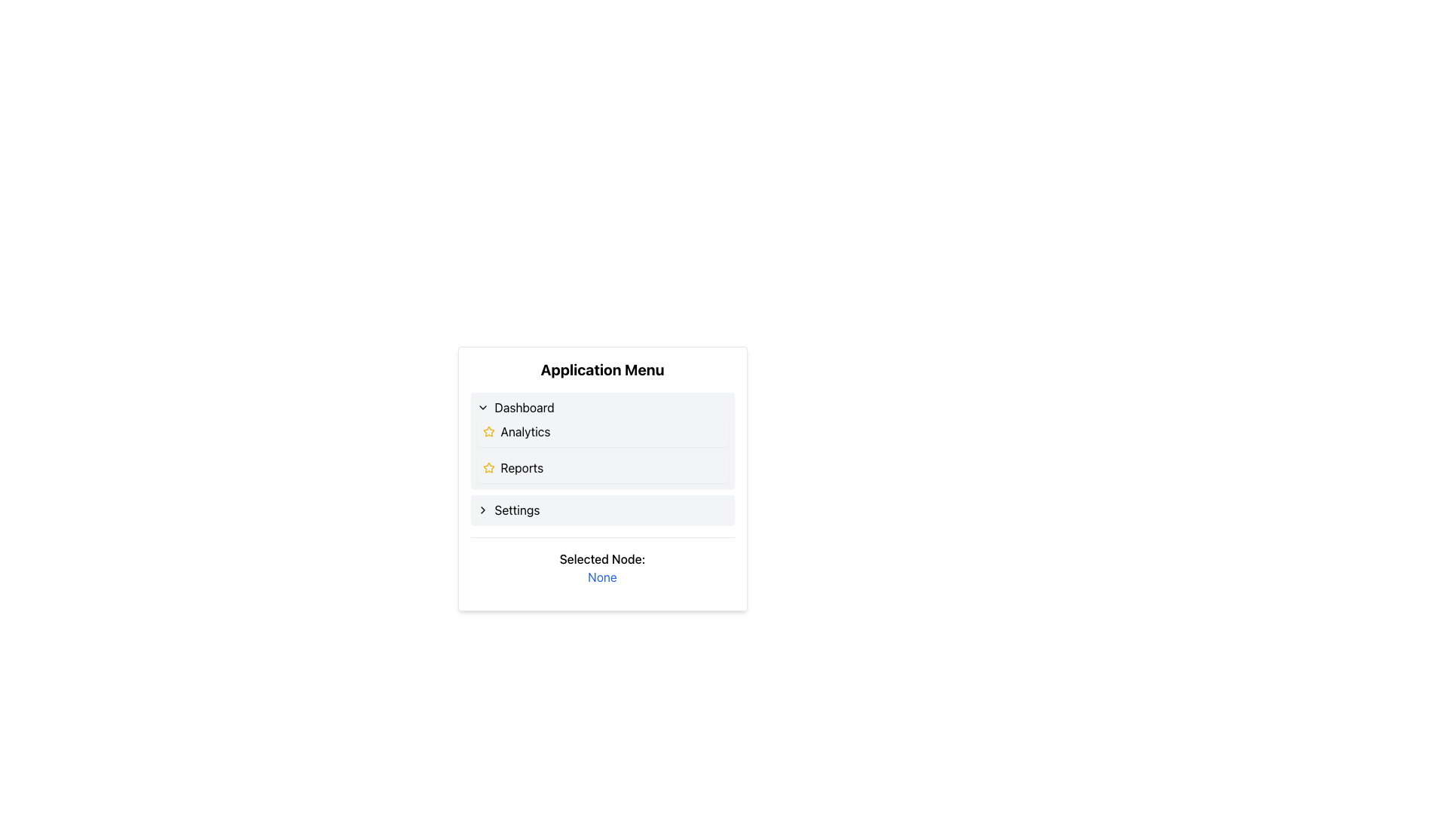  What do you see at coordinates (488, 467) in the screenshot?
I see `the star icon in the 'Reports' menu, which is golden yellow and outlined with current color, located in the second row of the UI` at bounding box center [488, 467].